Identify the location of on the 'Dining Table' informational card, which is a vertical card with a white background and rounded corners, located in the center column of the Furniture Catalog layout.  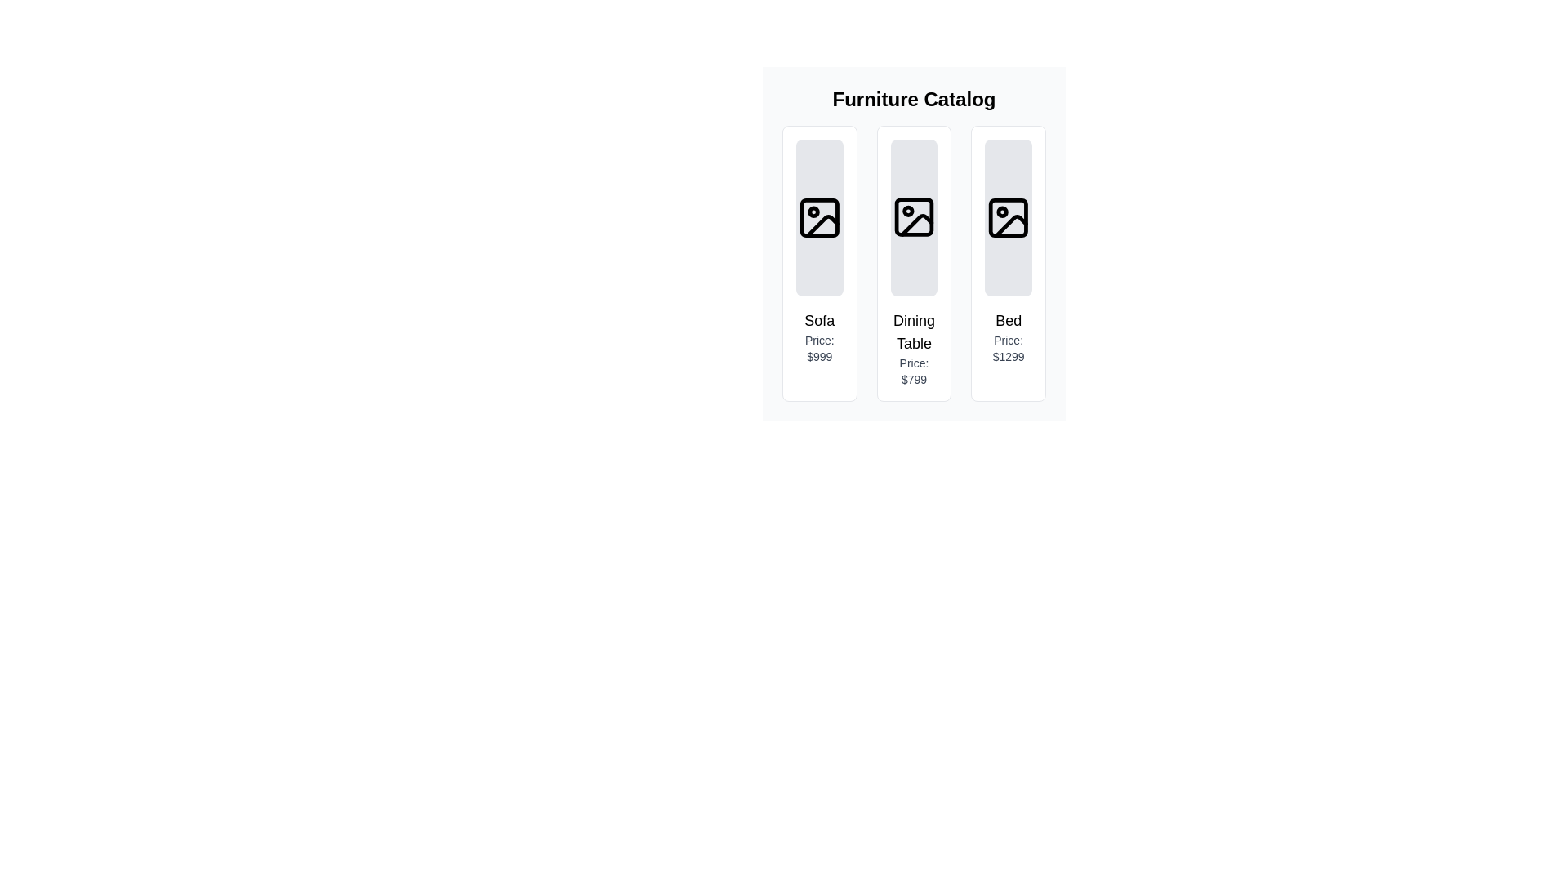
(913, 244).